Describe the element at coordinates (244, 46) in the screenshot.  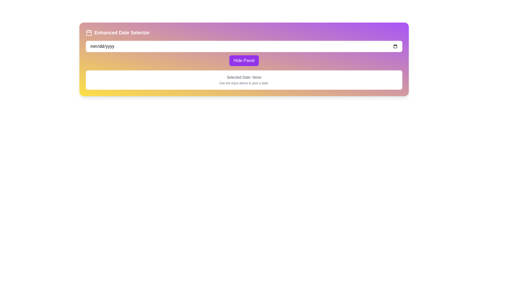
I see `the date input field styled with a white background and rounded corners` at that location.